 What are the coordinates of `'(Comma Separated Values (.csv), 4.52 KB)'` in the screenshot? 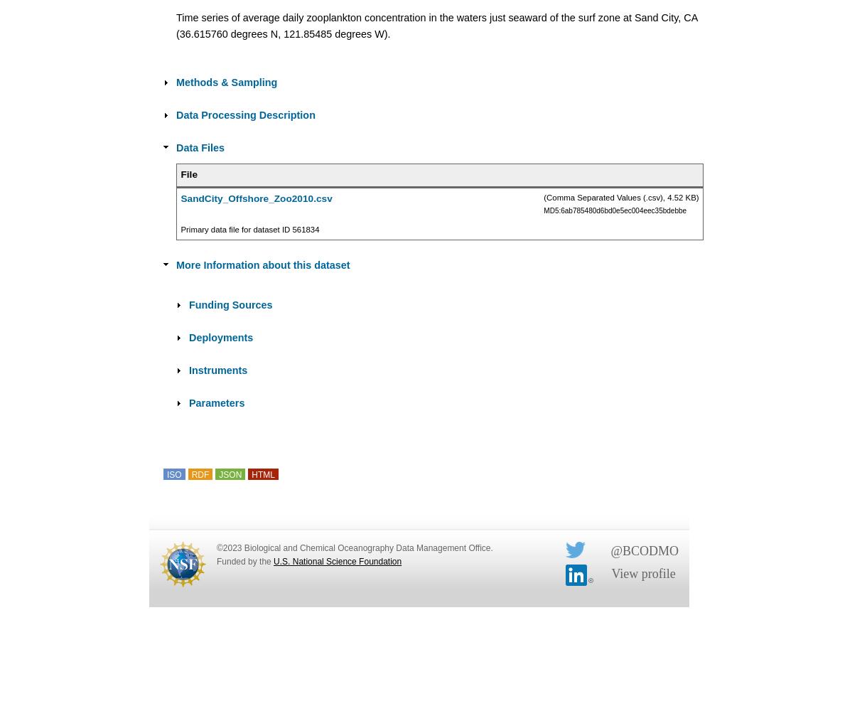 It's located at (542, 198).